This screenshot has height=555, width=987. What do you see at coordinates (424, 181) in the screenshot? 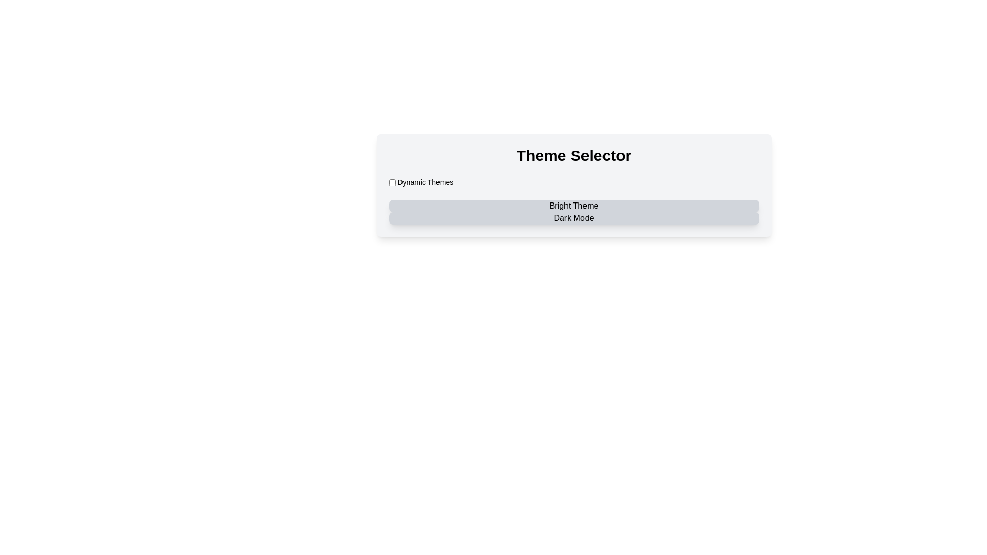
I see `the text label displaying 'Dynamic Themes' located immediately to the right of the 'accept-toggle' checkbox` at bounding box center [424, 181].